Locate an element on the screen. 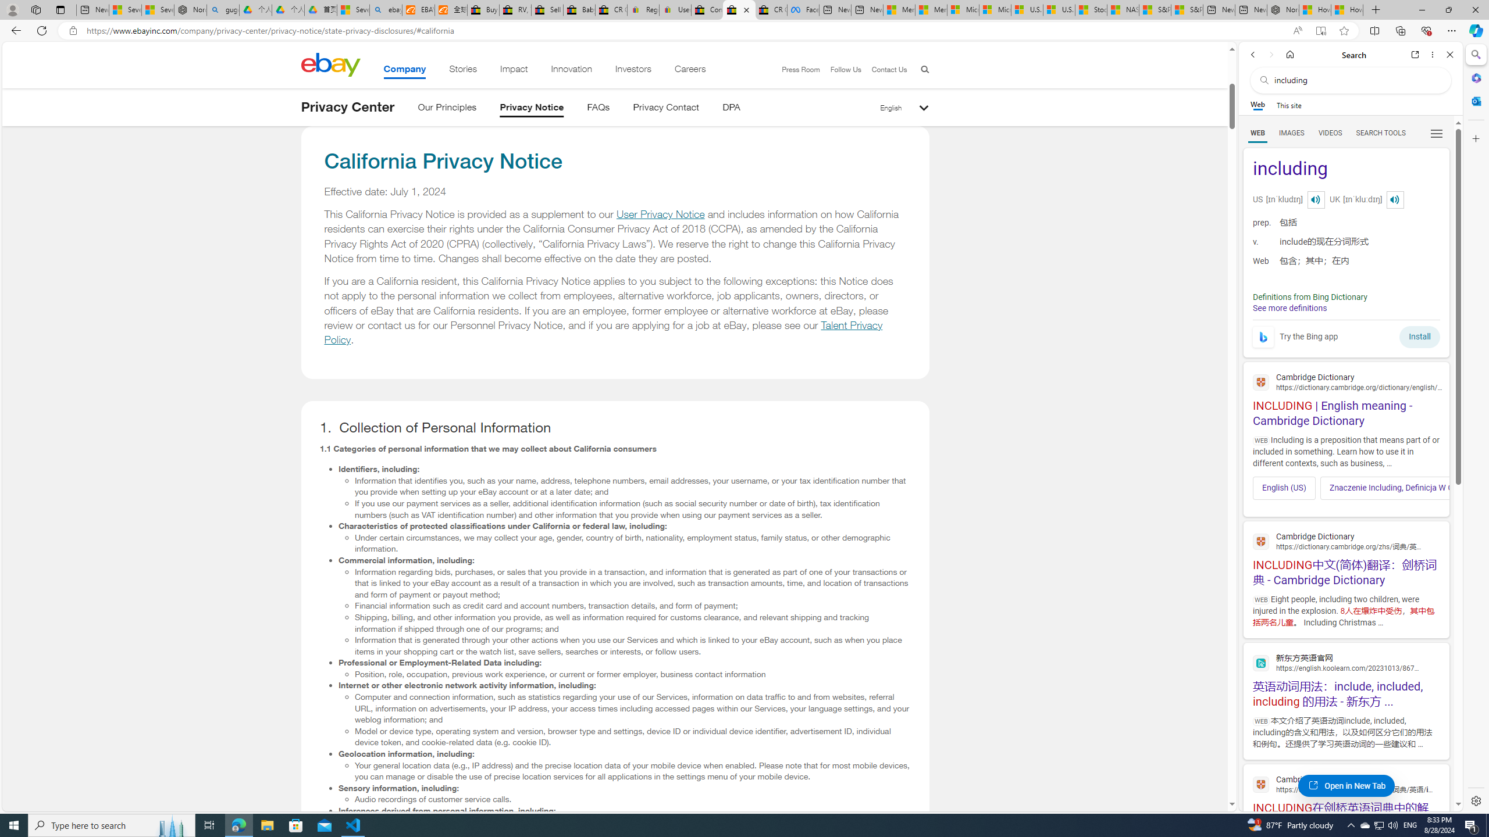  'Global web icon' is located at coordinates (1261, 784).